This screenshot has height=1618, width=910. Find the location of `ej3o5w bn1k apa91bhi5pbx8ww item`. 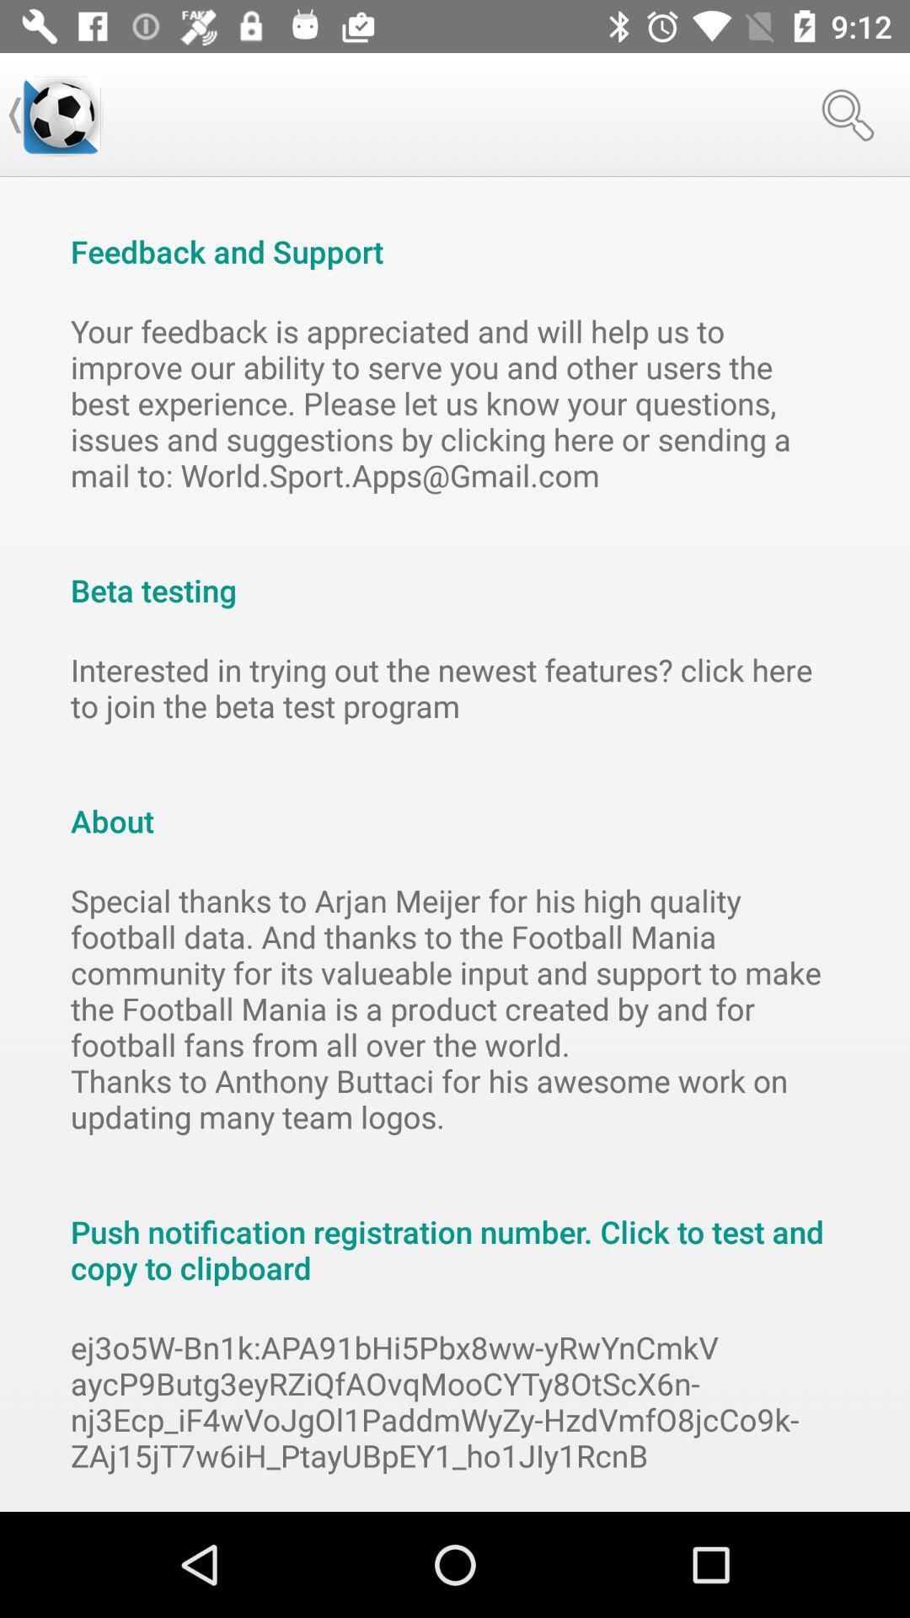

ej3o5w bn1k apa91bhi5pbx8ww item is located at coordinates (455, 1401).